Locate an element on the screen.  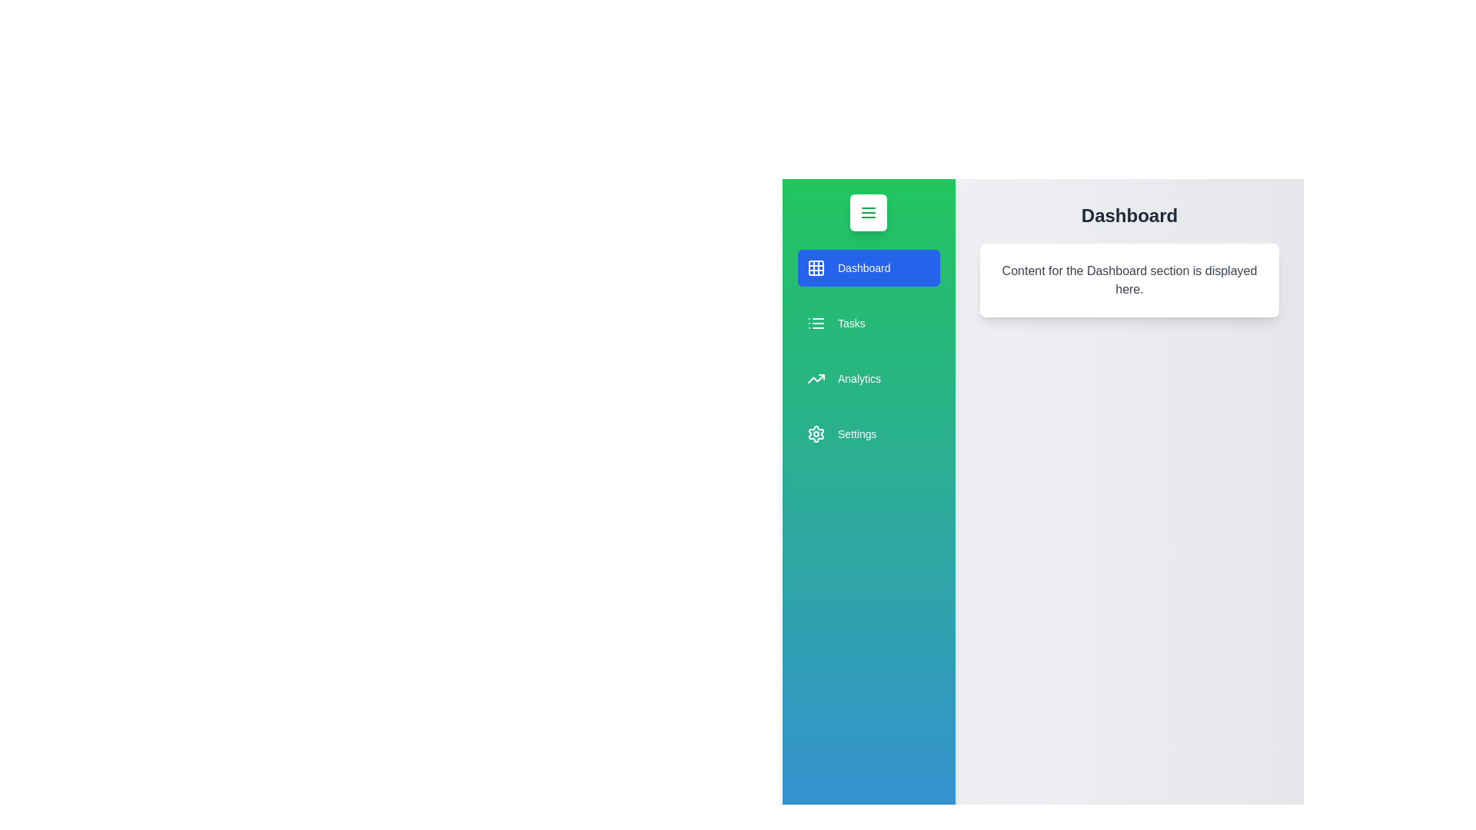
the Analytics tab is located at coordinates (868, 379).